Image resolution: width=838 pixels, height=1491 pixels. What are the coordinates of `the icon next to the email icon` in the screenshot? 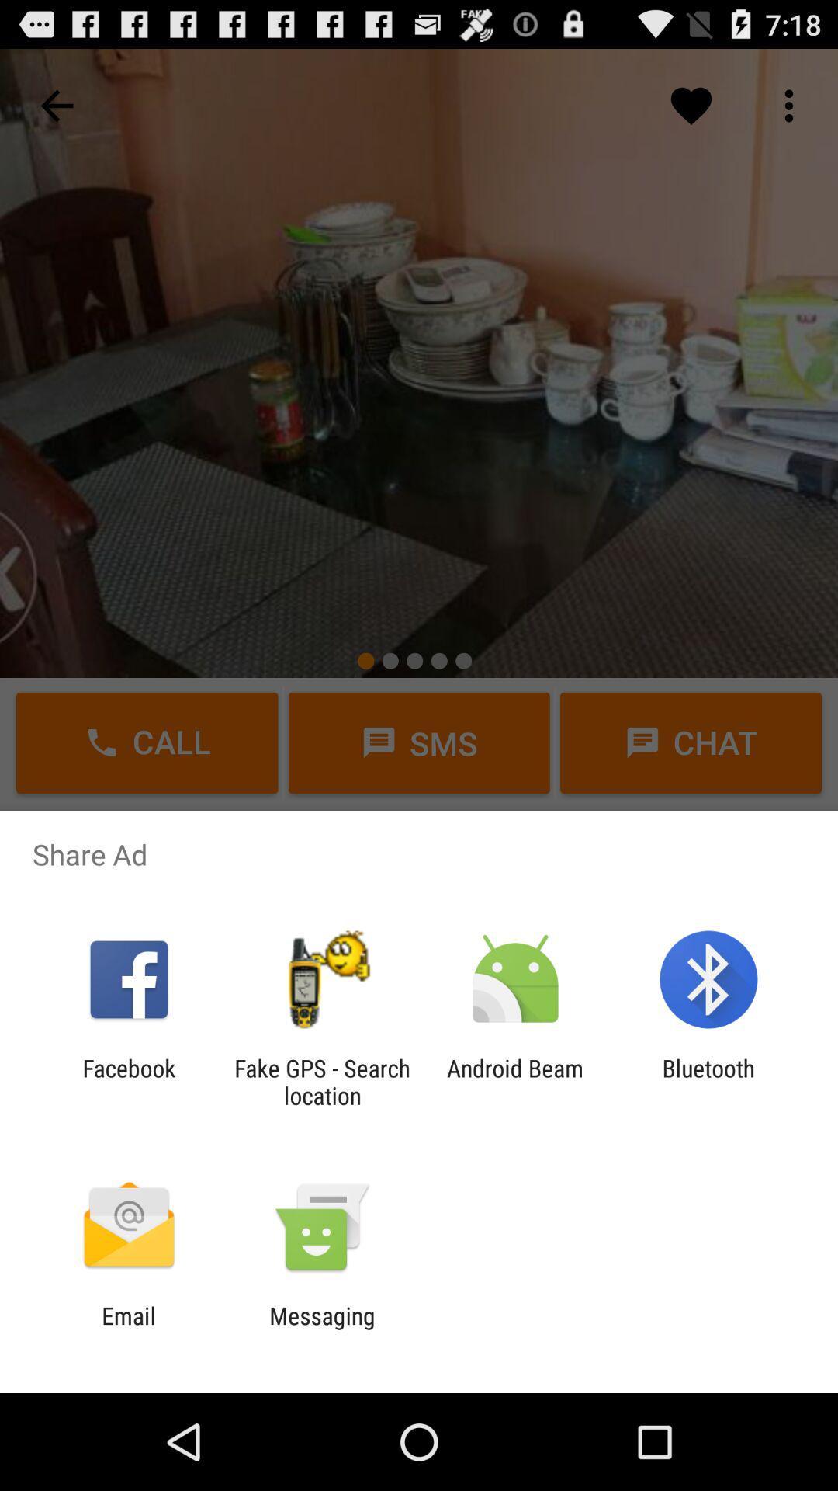 It's located at (321, 1329).